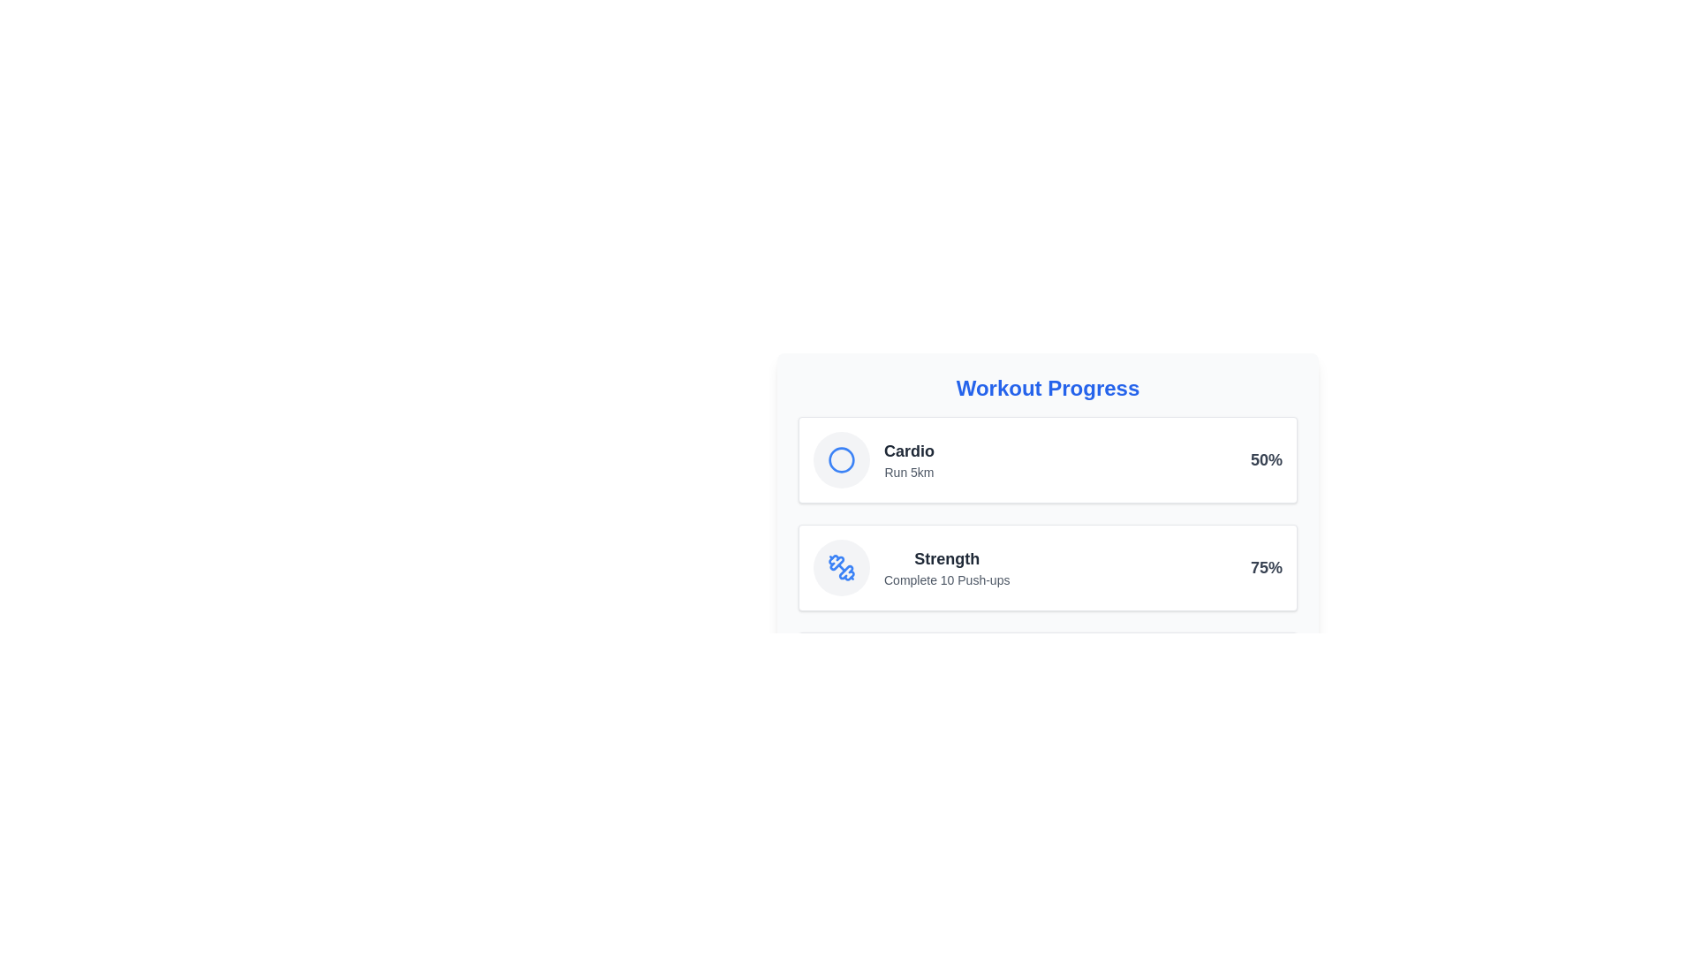 Image resolution: width=1696 pixels, height=954 pixels. I want to click on the 'Strength' icon located in the second card of the 'Workout Progress' section, positioned on the left side of the row associated with 'Strength', so click(841, 568).